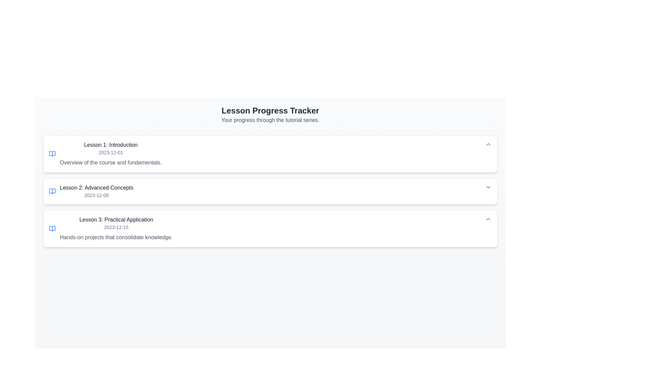 Image resolution: width=653 pixels, height=367 pixels. Describe the element at coordinates (105, 154) in the screenshot. I see `on the first lesson overview item in the Lesson Progress Tracker` at that location.